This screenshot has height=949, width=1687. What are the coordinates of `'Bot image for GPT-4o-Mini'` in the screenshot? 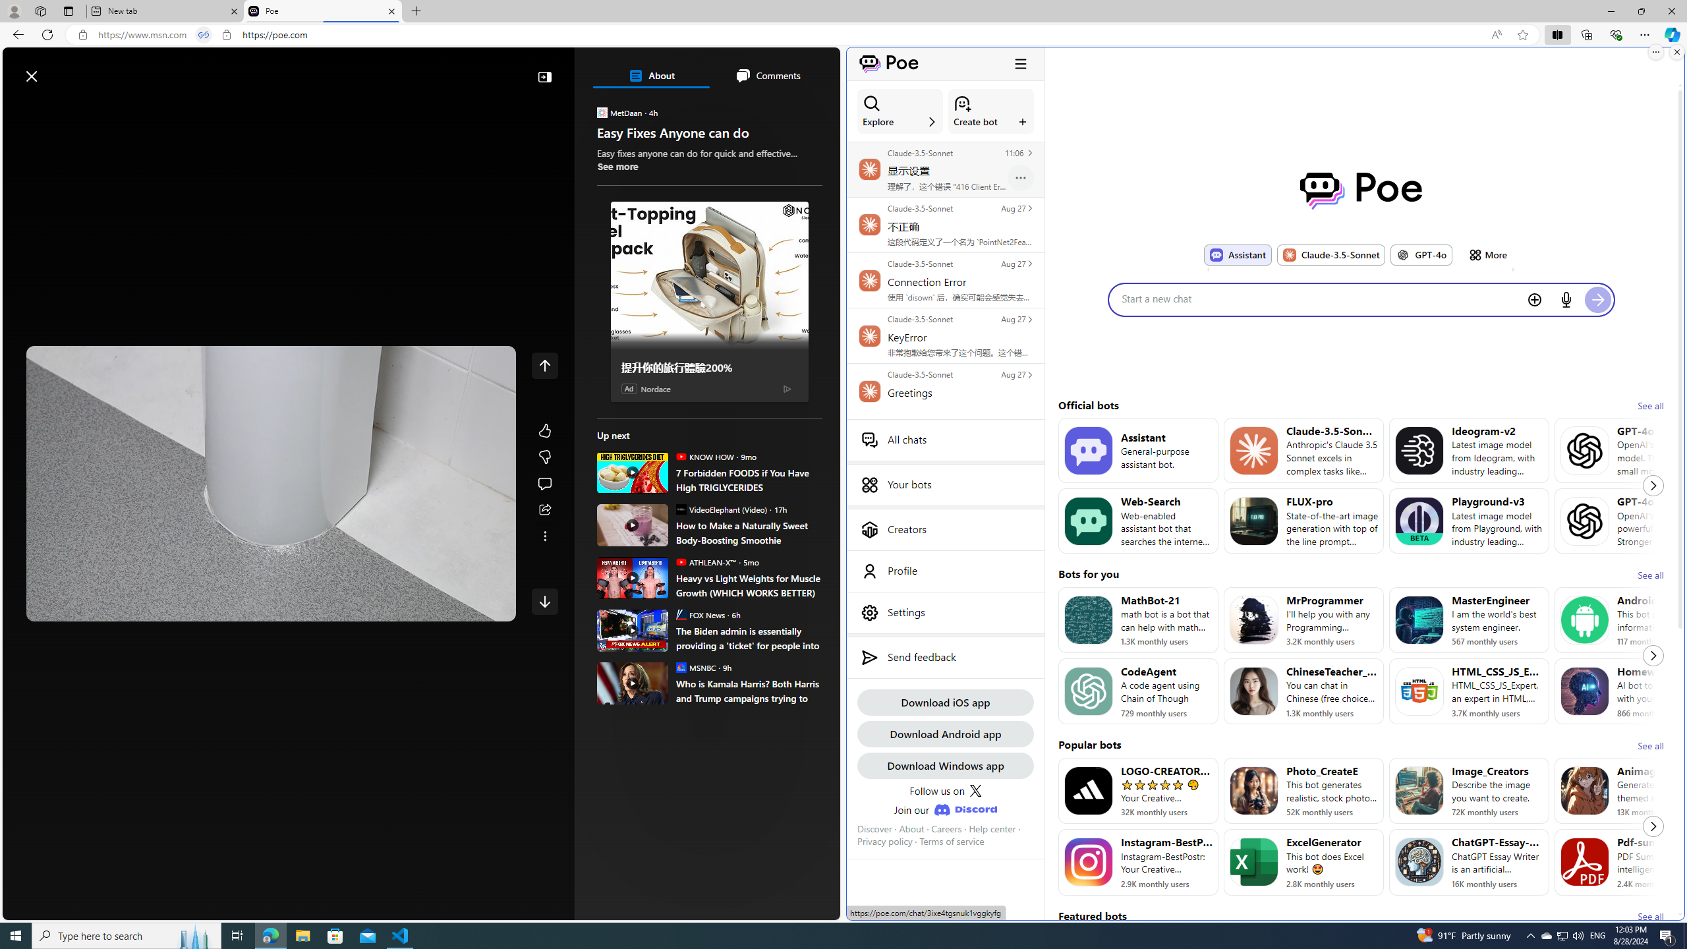 It's located at (1585, 449).